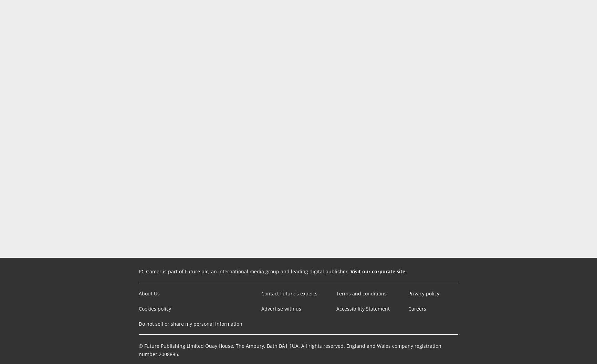 This screenshot has width=597, height=364. I want to click on '.', so click(406, 271).